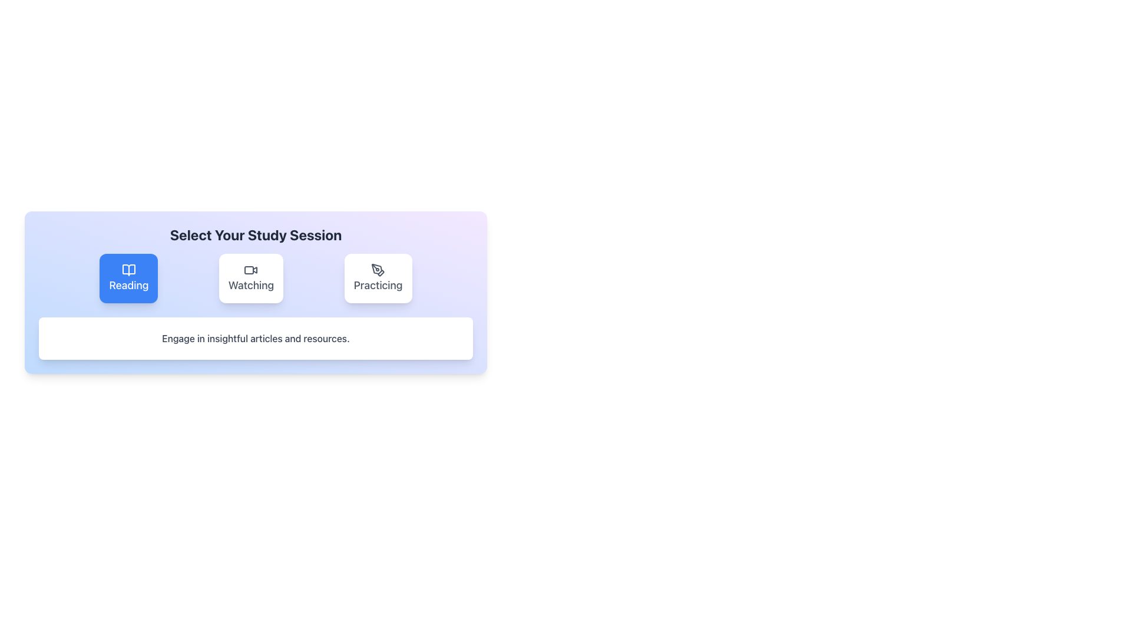 The width and height of the screenshot is (1131, 636). What do you see at coordinates (255, 279) in the screenshot?
I see `the 'Watching' button, which is a square button with rounded corners, featuring a white background and gray text, to trigger its hover effects` at bounding box center [255, 279].